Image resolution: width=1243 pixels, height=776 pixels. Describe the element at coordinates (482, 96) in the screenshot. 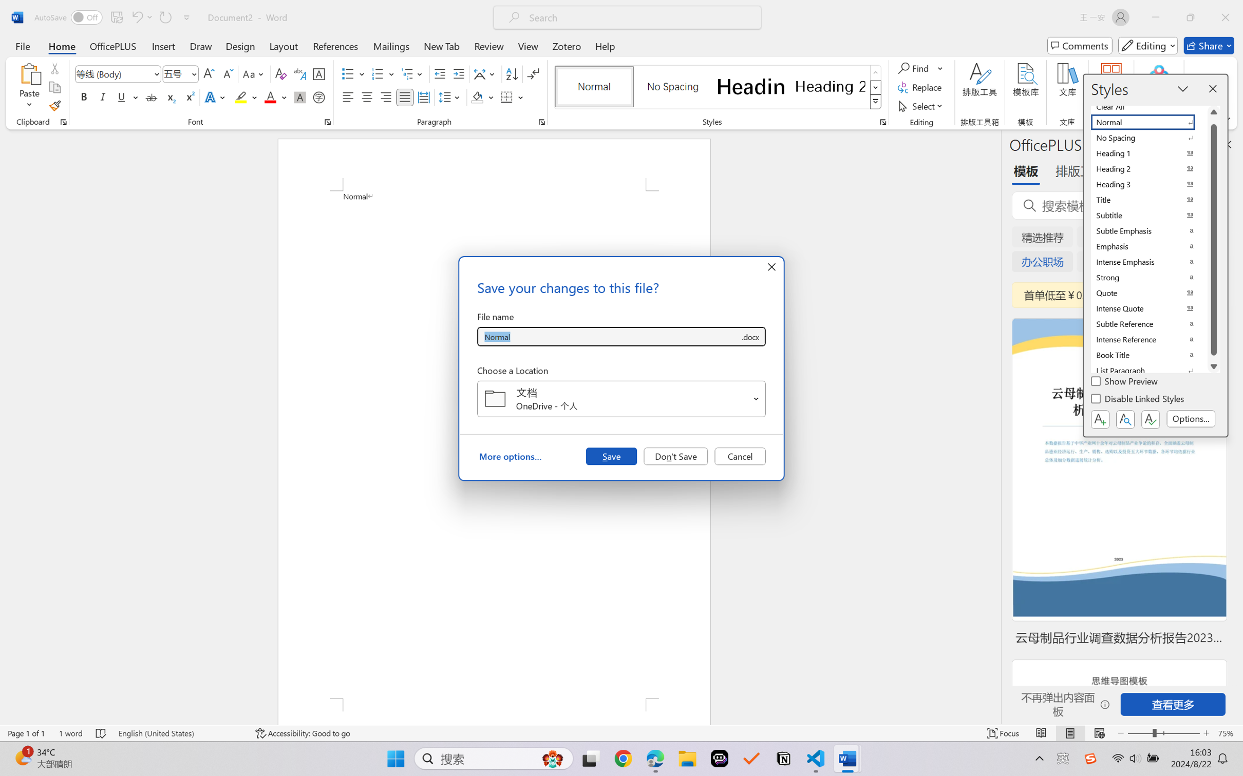

I see `'Shading'` at that location.